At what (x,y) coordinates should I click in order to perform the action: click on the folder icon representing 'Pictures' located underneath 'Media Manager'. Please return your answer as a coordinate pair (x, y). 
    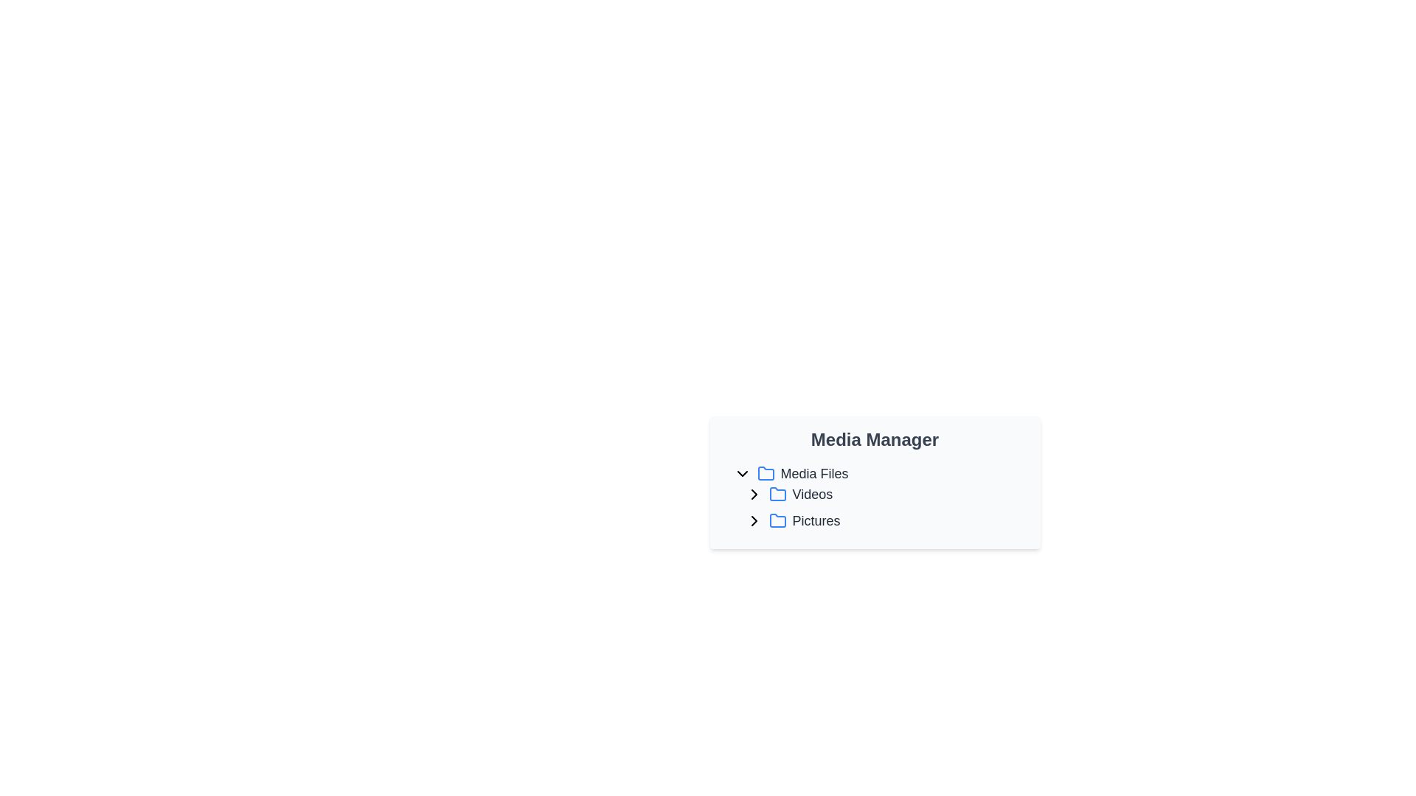
    Looking at the image, I should click on (777, 520).